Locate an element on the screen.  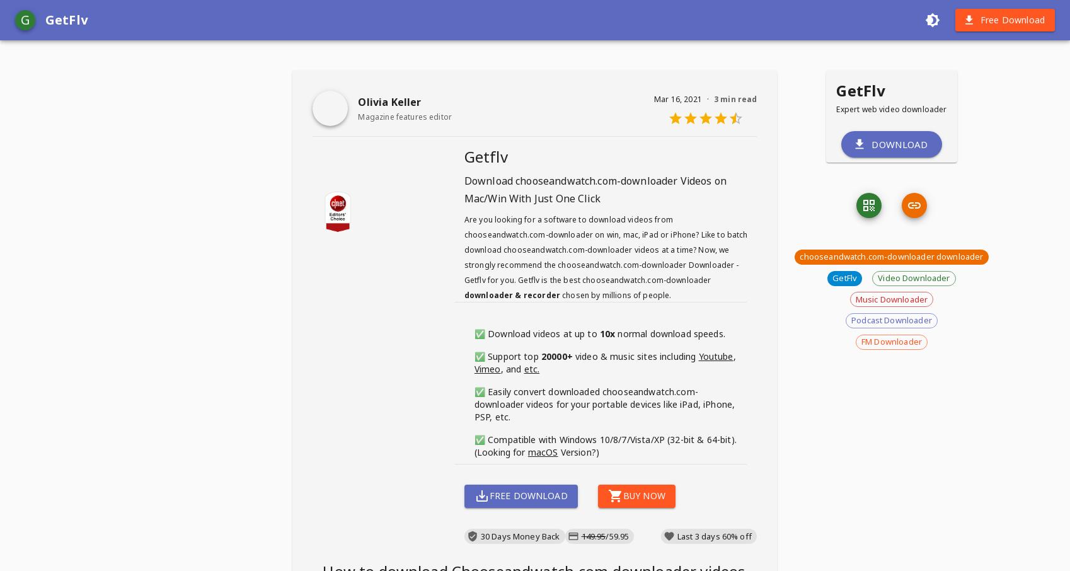
'is the best' is located at coordinates (560, 280).